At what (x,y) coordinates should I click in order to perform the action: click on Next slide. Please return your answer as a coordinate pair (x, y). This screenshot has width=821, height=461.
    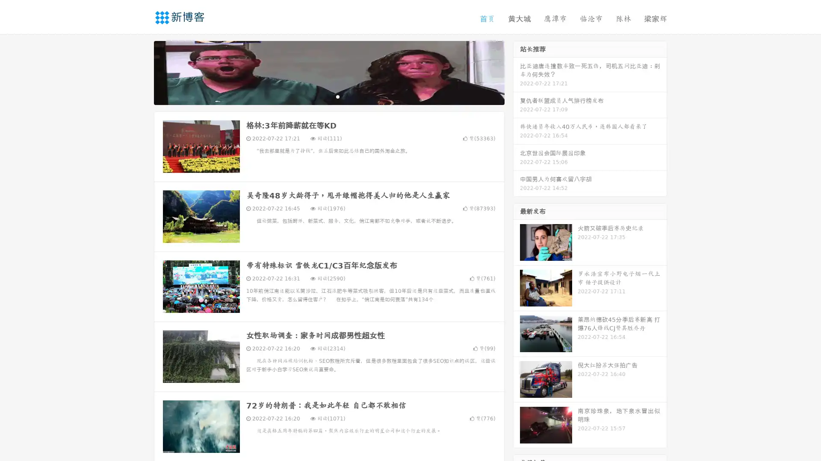
    Looking at the image, I should click on (517, 72).